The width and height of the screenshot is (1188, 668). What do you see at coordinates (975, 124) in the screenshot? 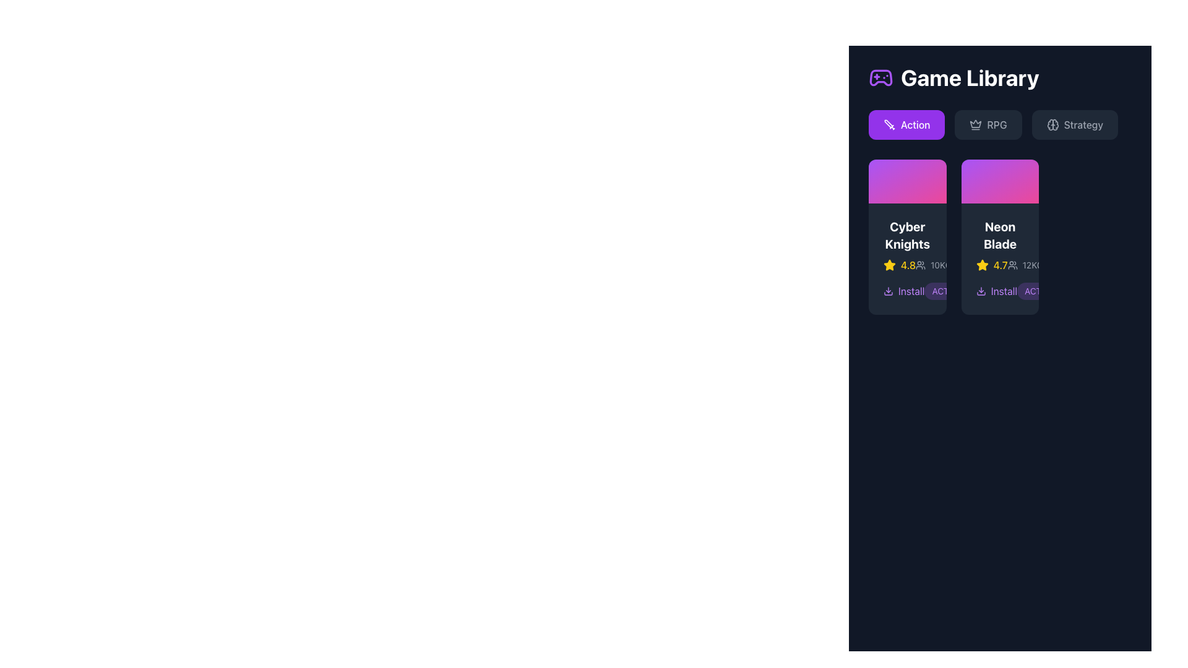
I see `the crown icon located to the left of the 'Game Library' text in the top-left area of the interface` at bounding box center [975, 124].